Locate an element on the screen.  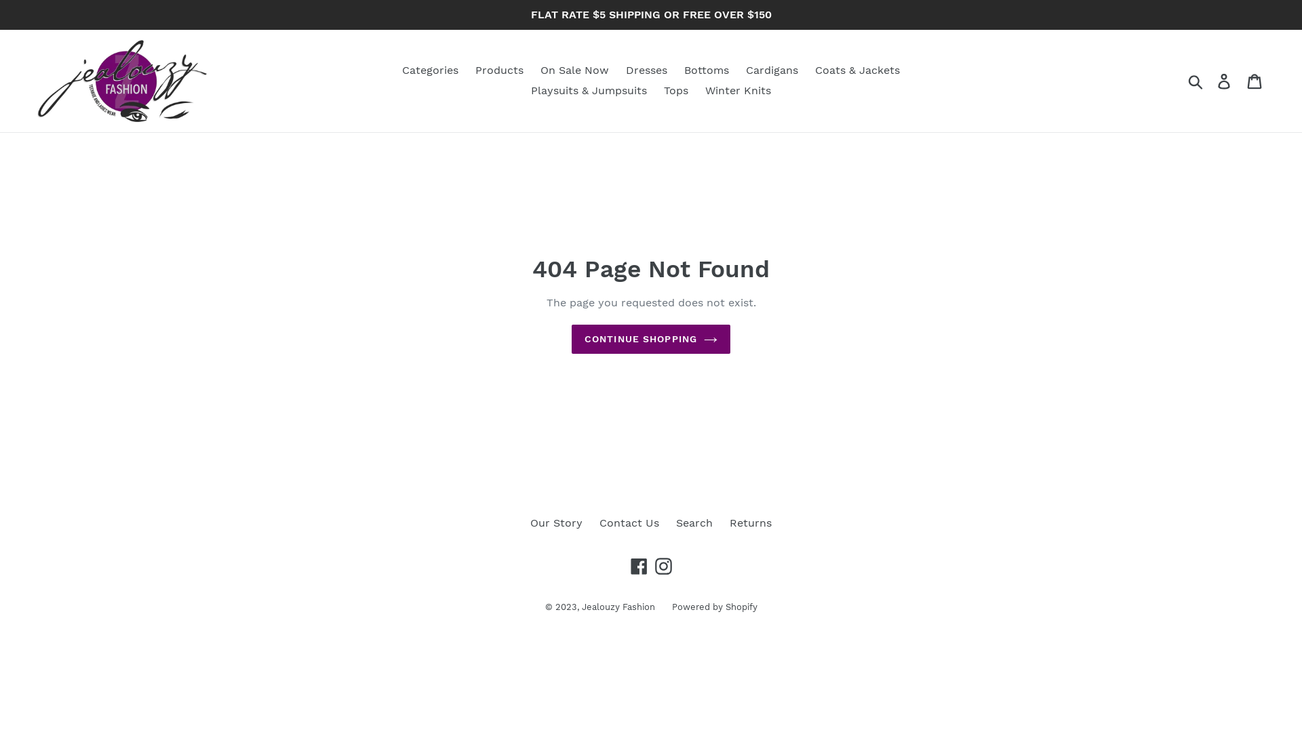
'On Sale Now' is located at coordinates (533, 70).